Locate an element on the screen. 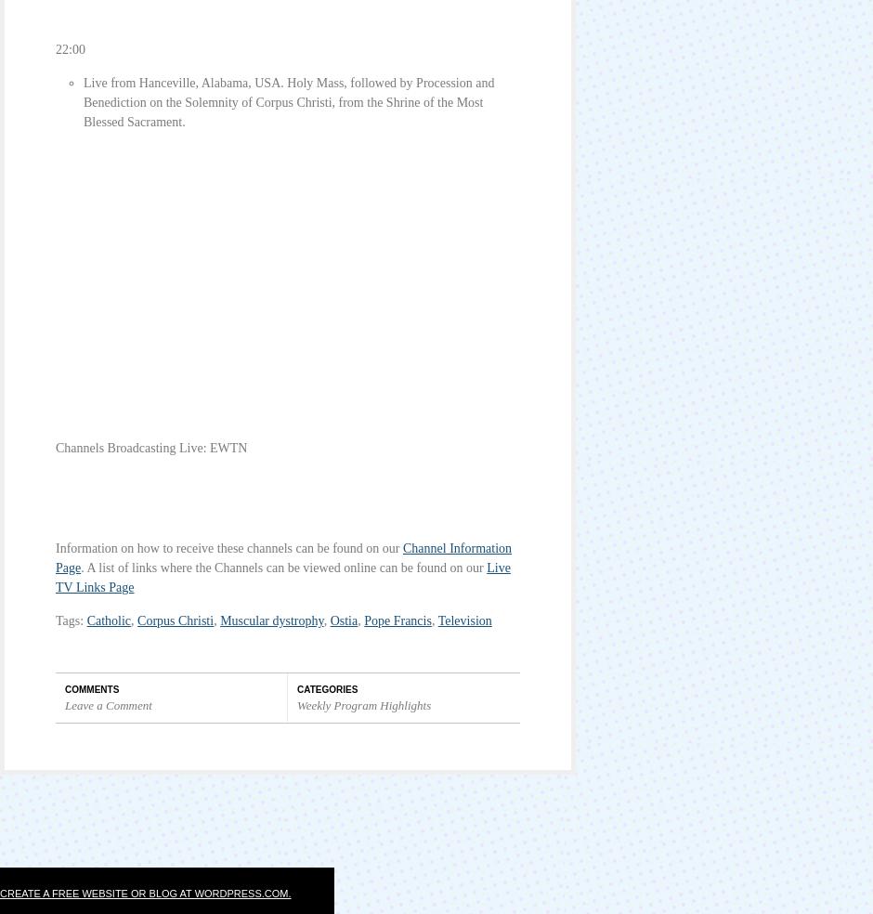 The height and width of the screenshot is (914, 873). 'Television' is located at coordinates (463, 620).